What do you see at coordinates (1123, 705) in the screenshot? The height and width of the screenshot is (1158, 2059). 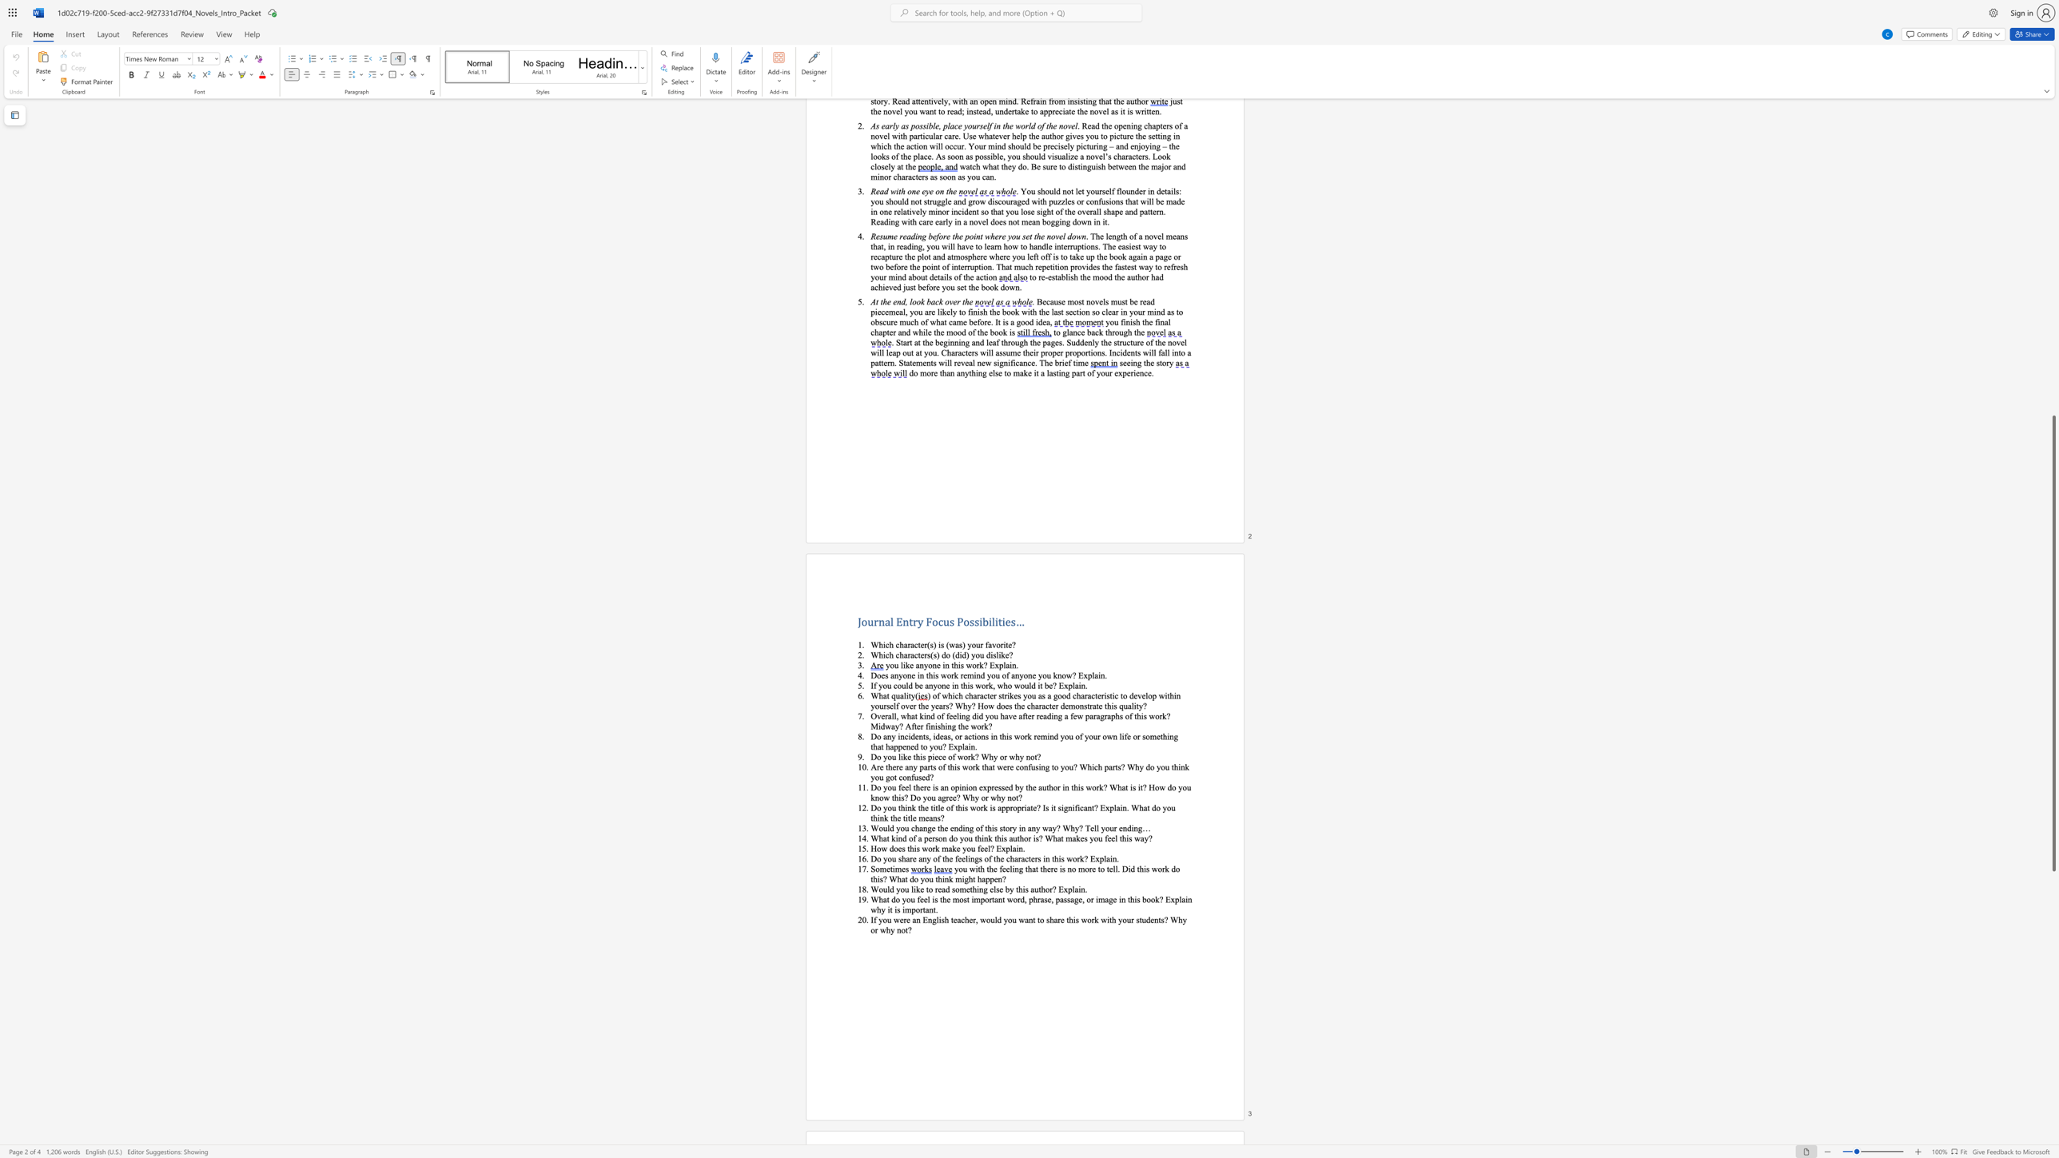 I see `the subset text "uality?" within the text "this quality?"` at bounding box center [1123, 705].